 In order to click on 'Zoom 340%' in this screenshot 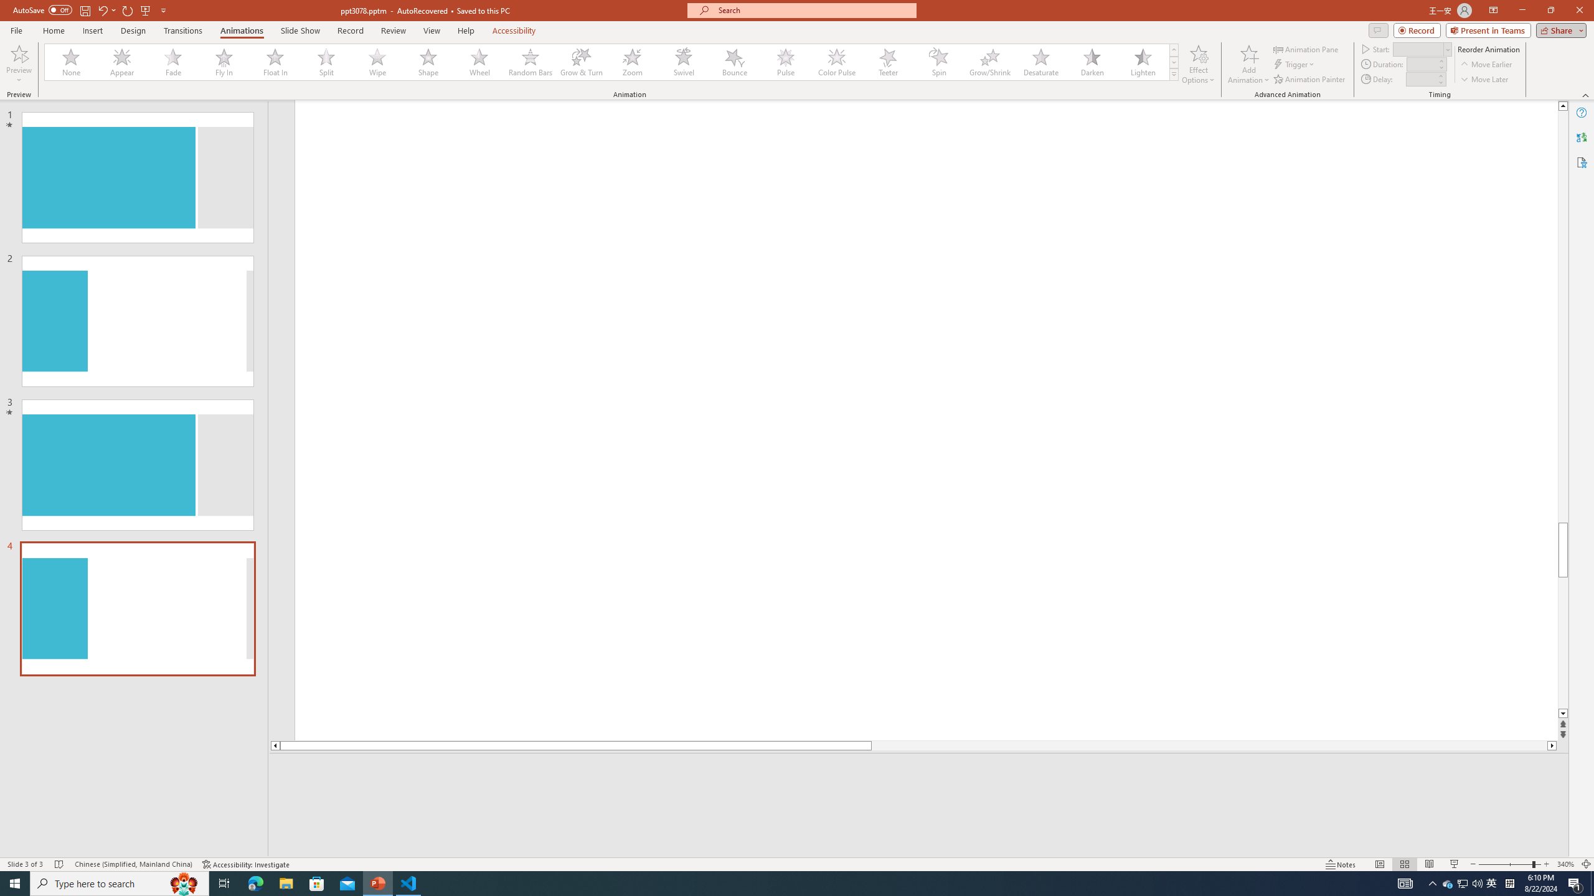, I will do `click(1566, 864)`.